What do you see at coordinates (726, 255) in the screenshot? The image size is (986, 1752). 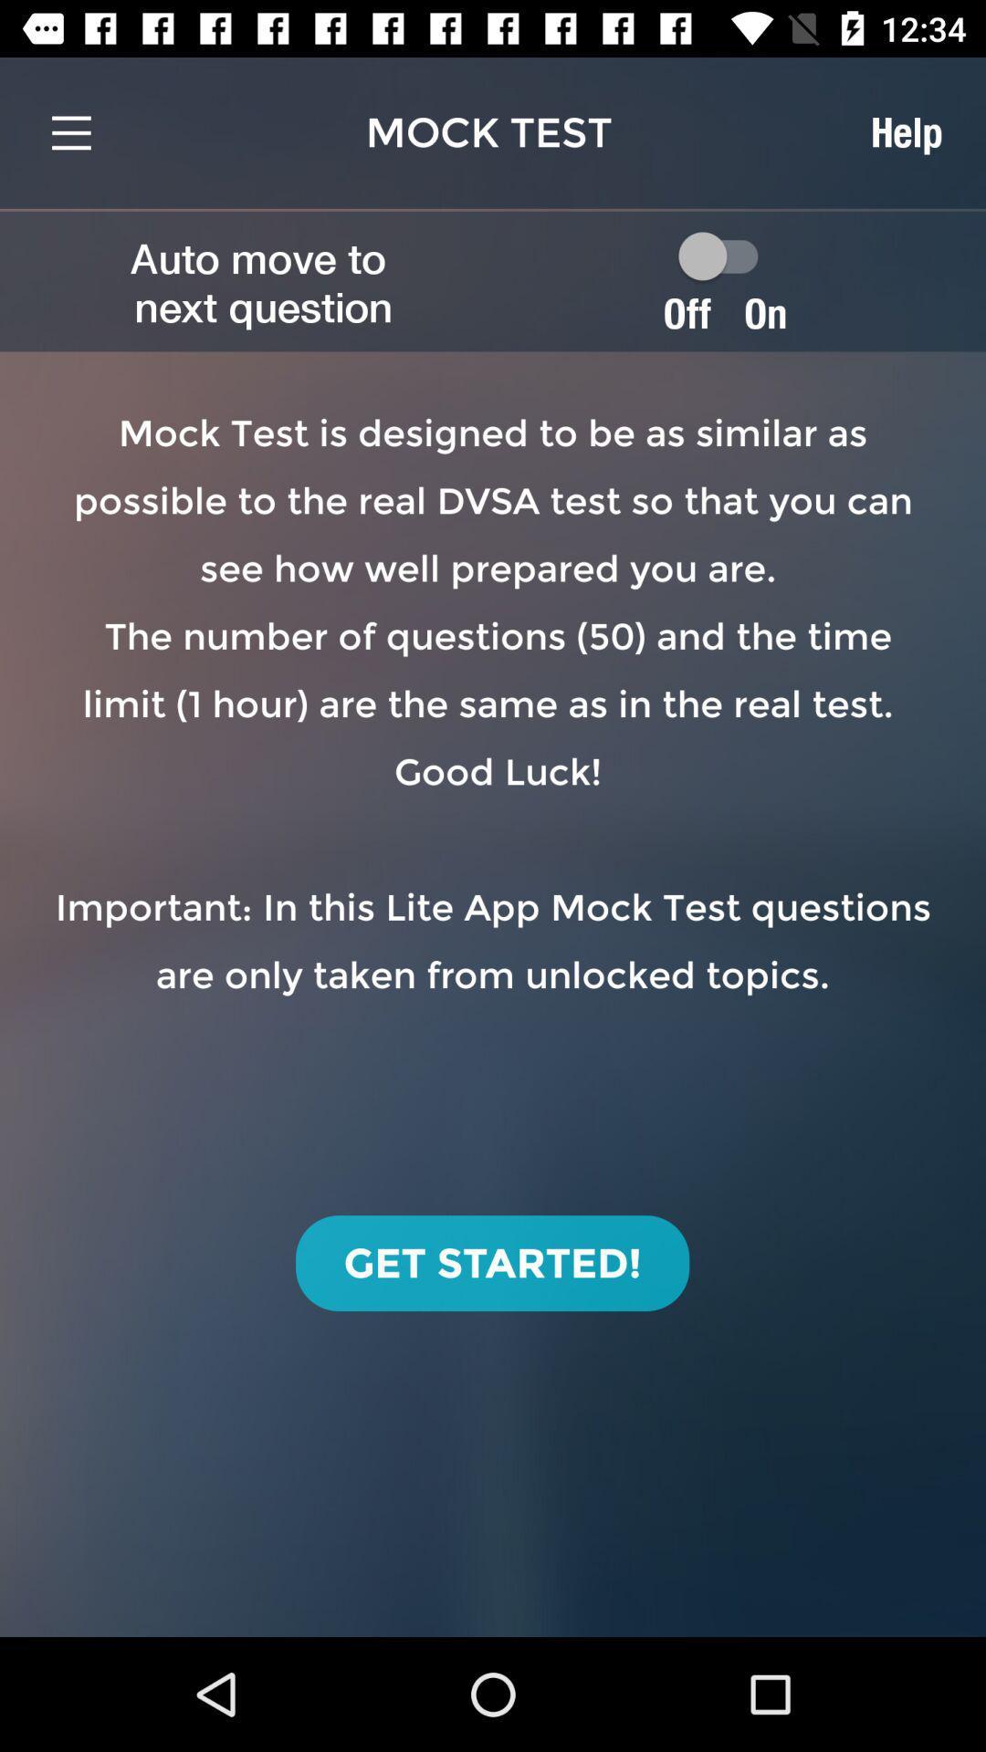 I see `on-off` at bounding box center [726, 255].